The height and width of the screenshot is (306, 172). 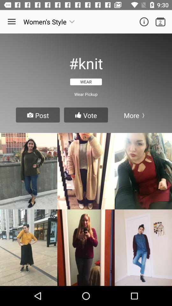 What do you see at coordinates (160, 22) in the screenshot?
I see `calendar option` at bounding box center [160, 22].